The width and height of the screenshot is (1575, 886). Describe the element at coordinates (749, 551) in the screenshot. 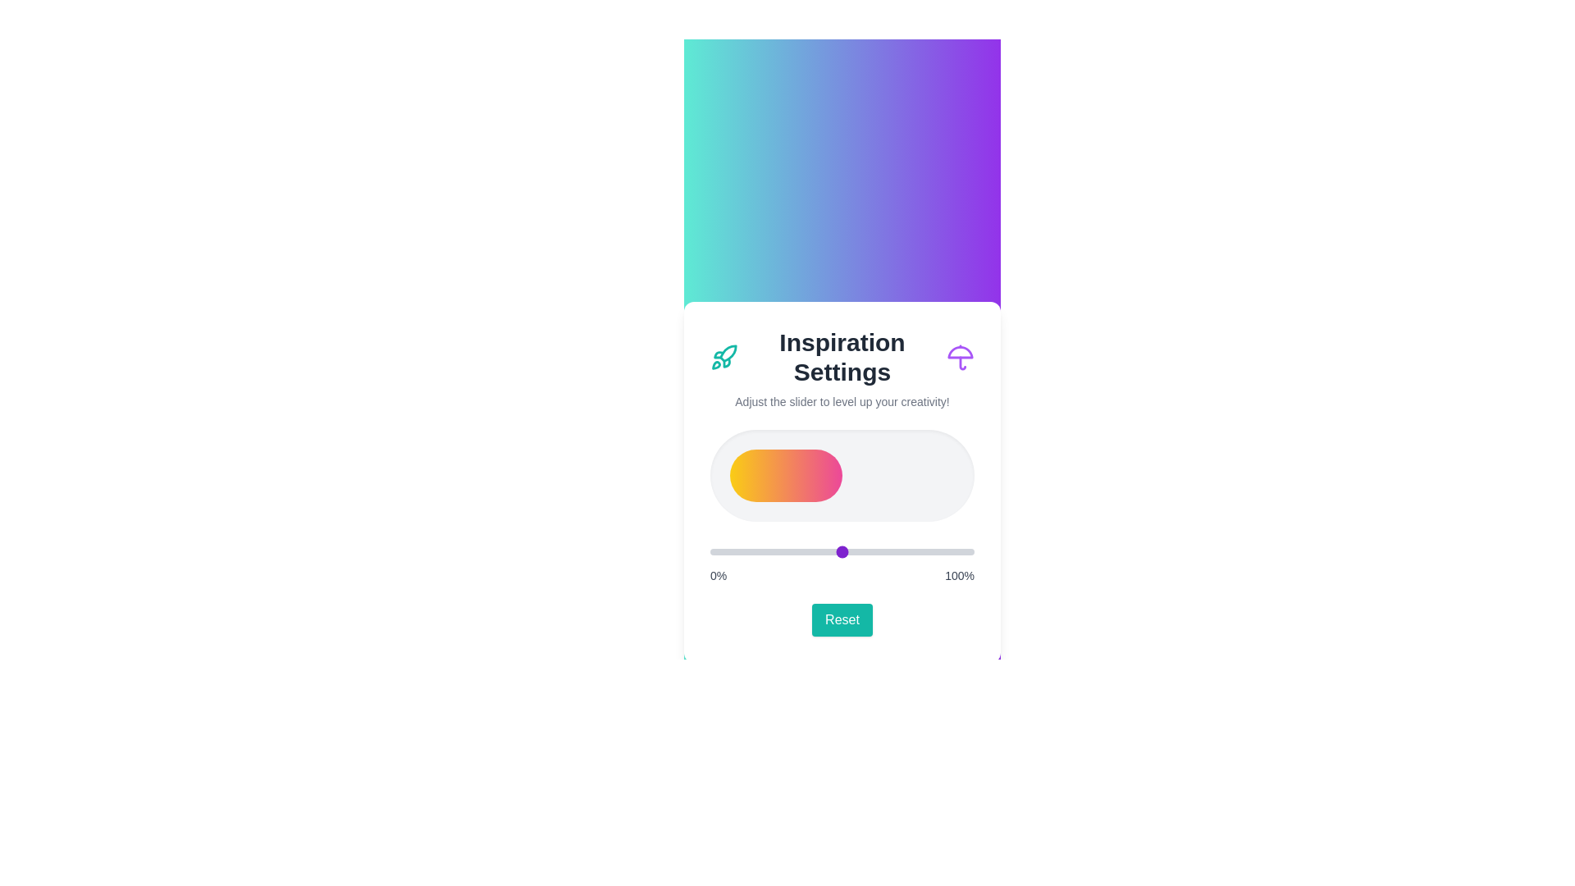

I see `the slider to 15%` at that location.